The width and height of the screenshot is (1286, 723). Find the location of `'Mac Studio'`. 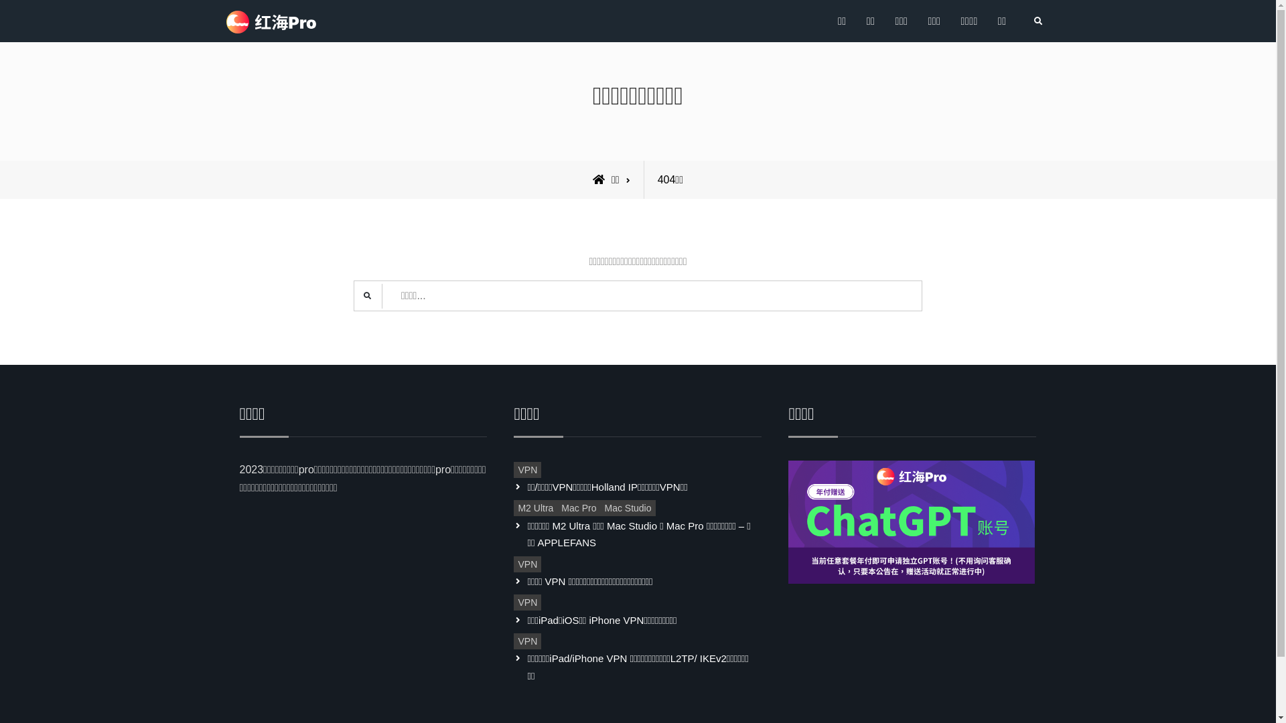

'Mac Studio' is located at coordinates (626, 508).